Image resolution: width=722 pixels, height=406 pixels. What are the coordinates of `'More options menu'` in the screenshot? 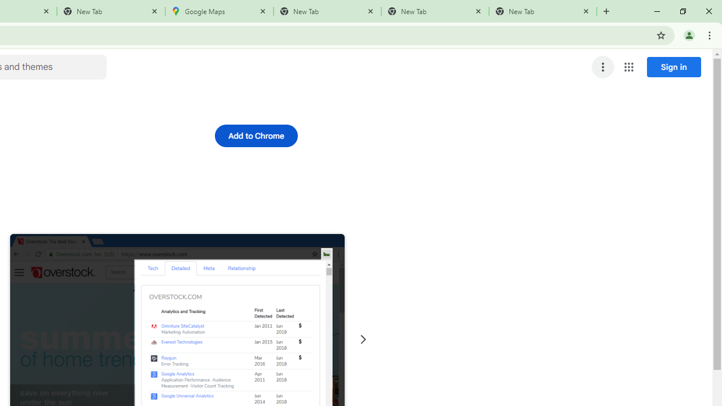 It's located at (602, 67).